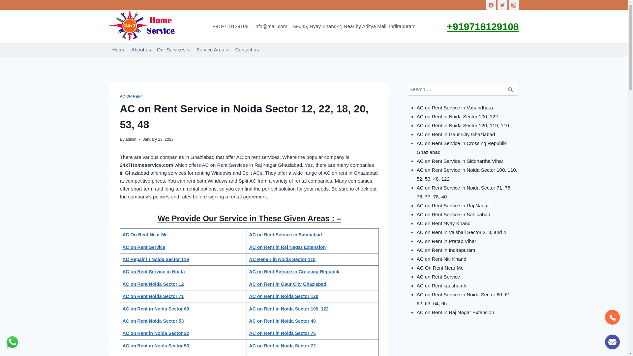 The width and height of the screenshot is (633, 356). Describe the element at coordinates (441, 258) in the screenshot. I see `'AC on Rent Niti Khand'` at that location.